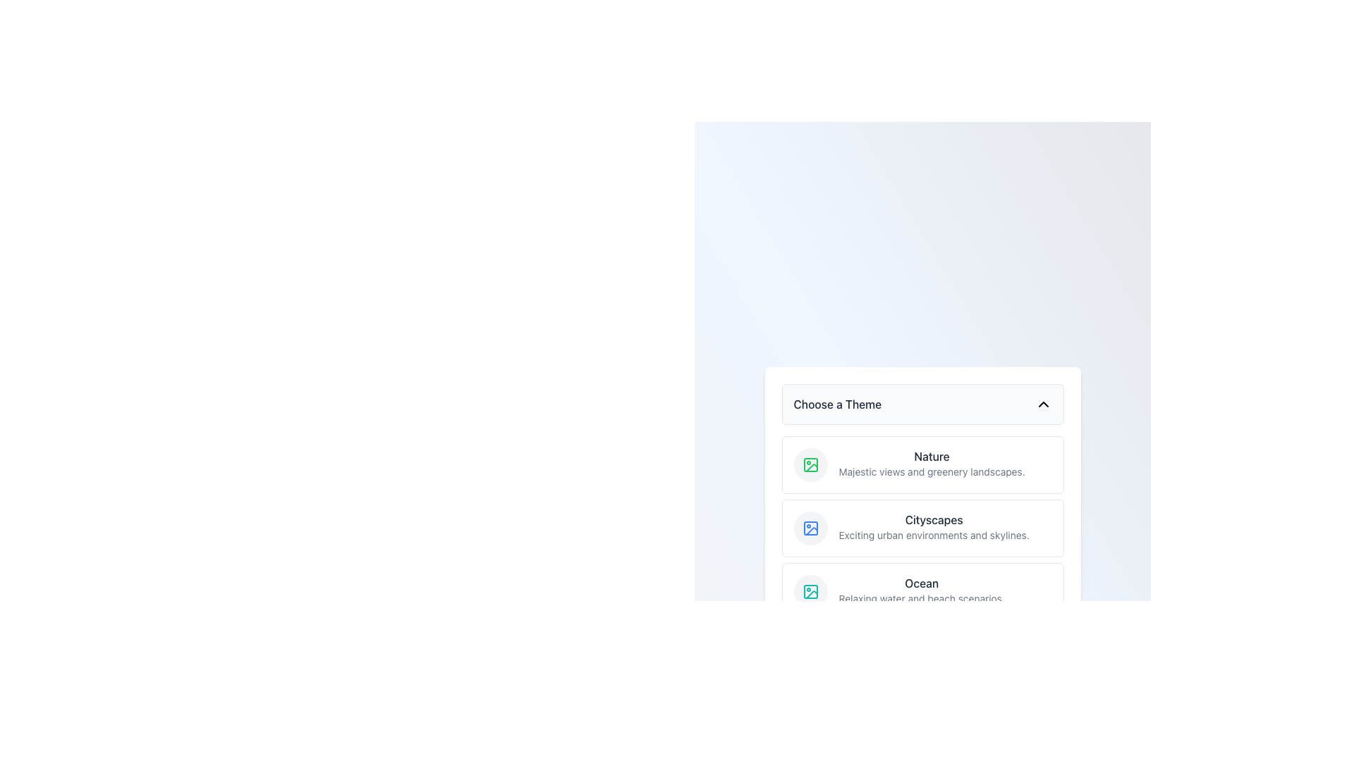  Describe the element at coordinates (922, 528) in the screenshot. I see `the second selectable list item labeled 'Cityscapes'` at that location.